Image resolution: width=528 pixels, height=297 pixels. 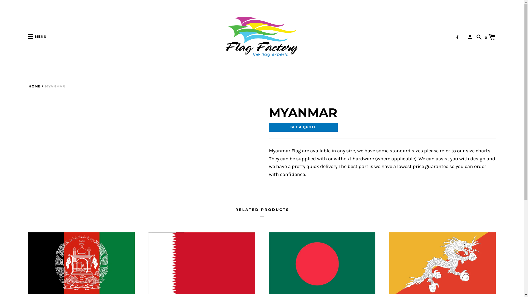 What do you see at coordinates (269, 127) in the screenshot?
I see `'GET A QUOTE'` at bounding box center [269, 127].